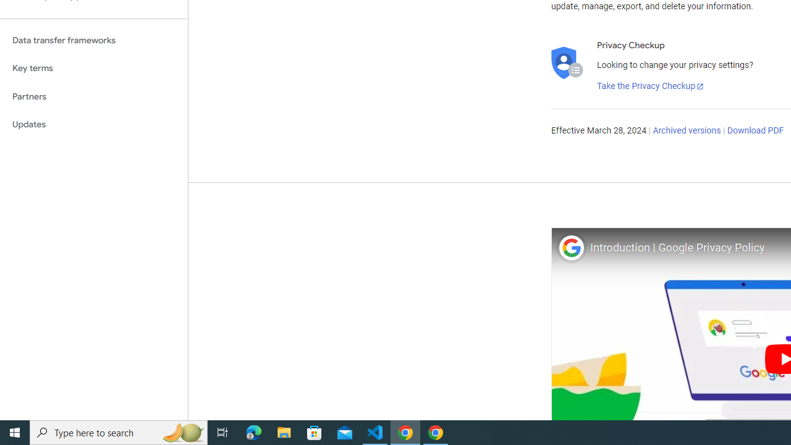 The width and height of the screenshot is (791, 445). Describe the element at coordinates (570, 247) in the screenshot. I see `'Photo image of Google'` at that location.